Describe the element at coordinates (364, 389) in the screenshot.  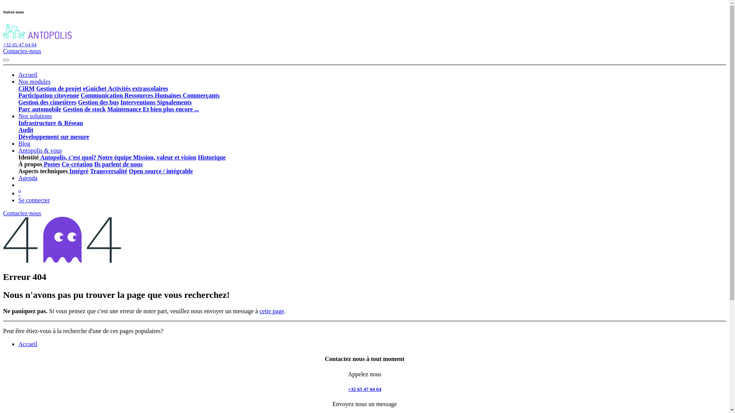
I see `'+32 65 47 64 64'` at that location.